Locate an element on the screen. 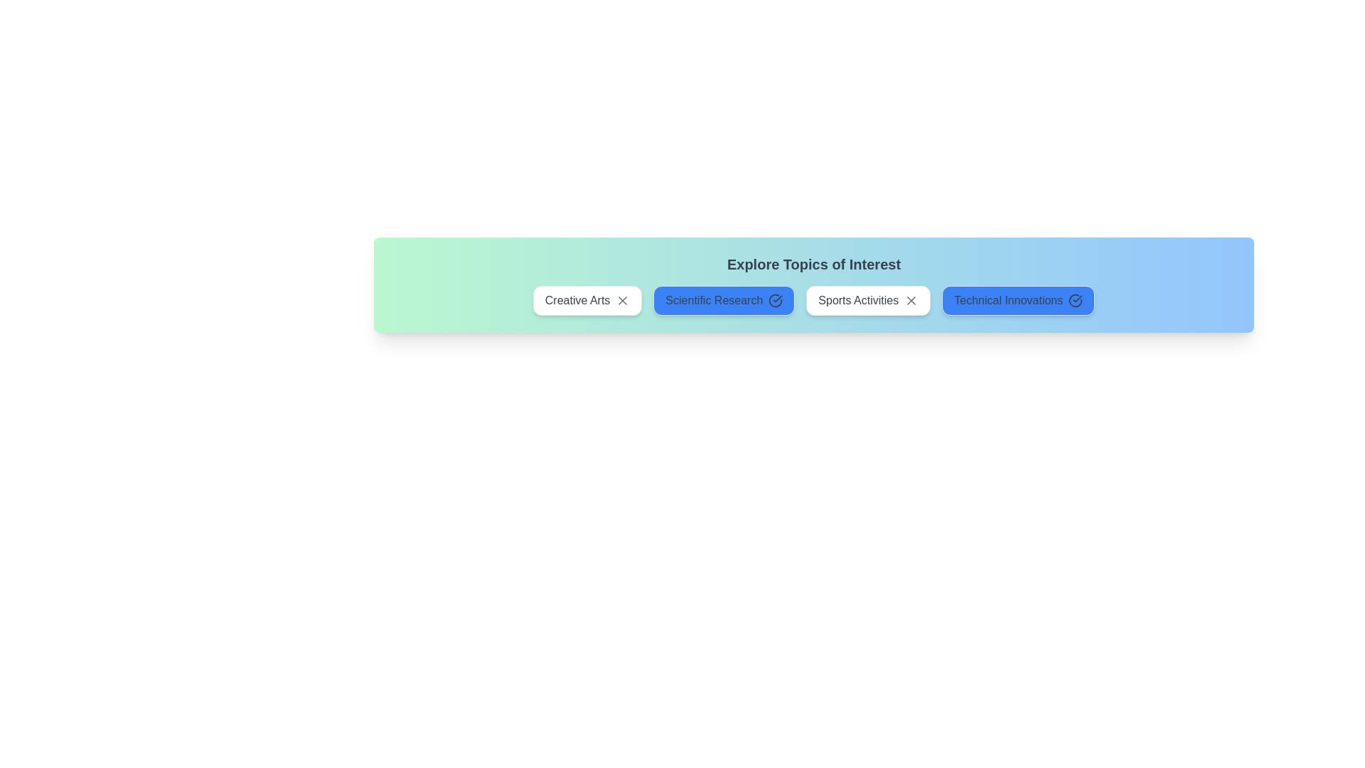 This screenshot has width=1365, height=768. the chip labeled 'Creative Arts' to observe its visual feedback is located at coordinates (587, 300).